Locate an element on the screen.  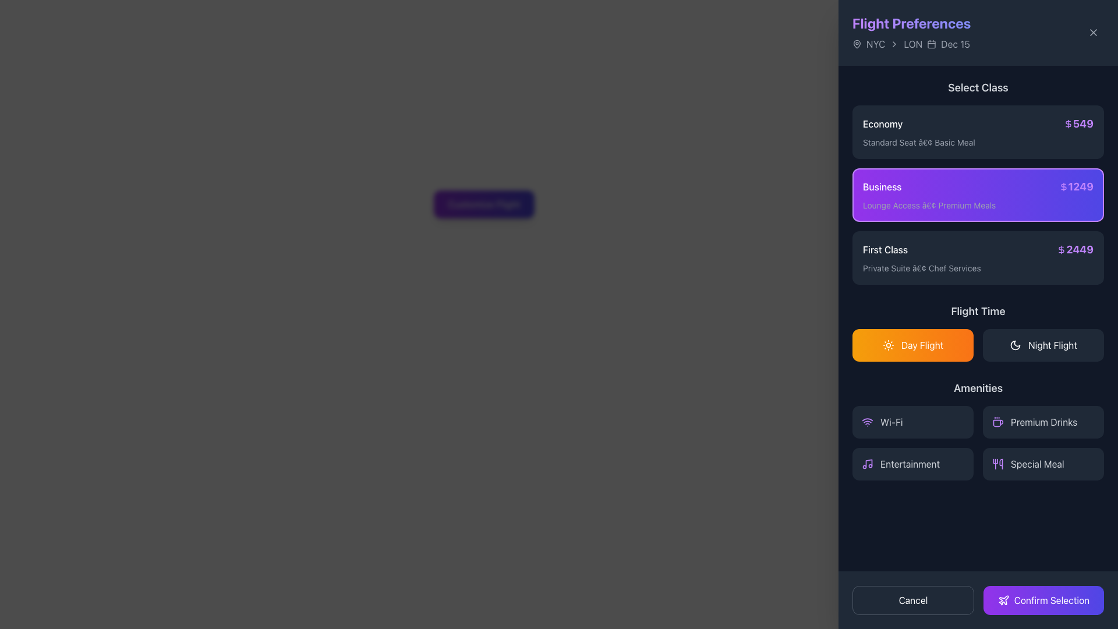
the decorative icon indicating a monetary value that is positioned before the numeric value '549' in the 'Economy' option of the 'Select Class' section is located at coordinates (1068, 123).